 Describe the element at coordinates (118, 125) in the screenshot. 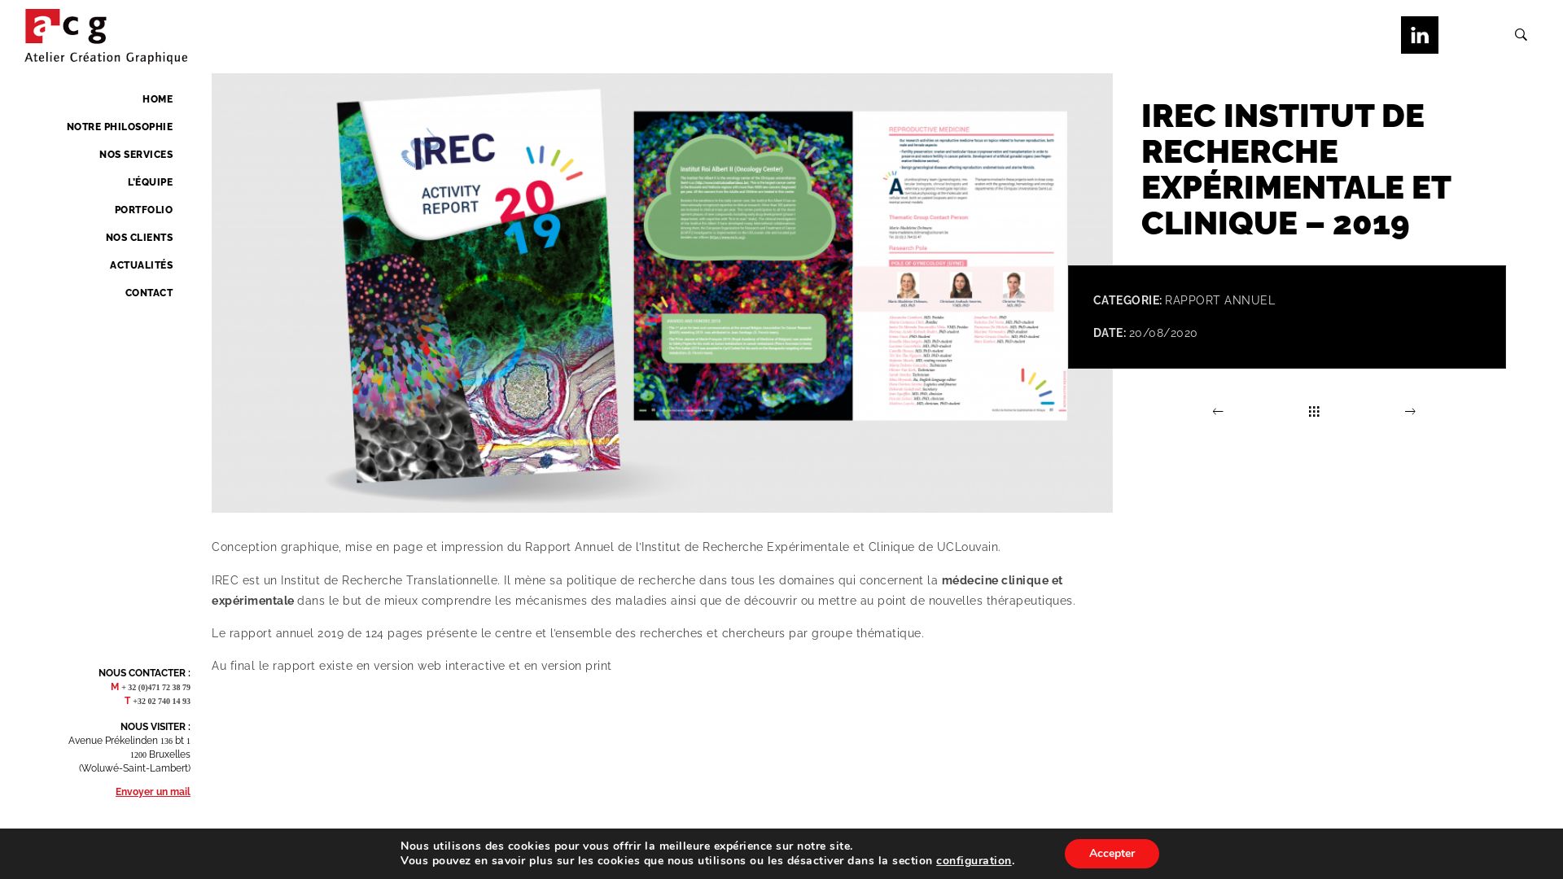

I see `'NOTRE PHILOSOPHIE'` at that location.